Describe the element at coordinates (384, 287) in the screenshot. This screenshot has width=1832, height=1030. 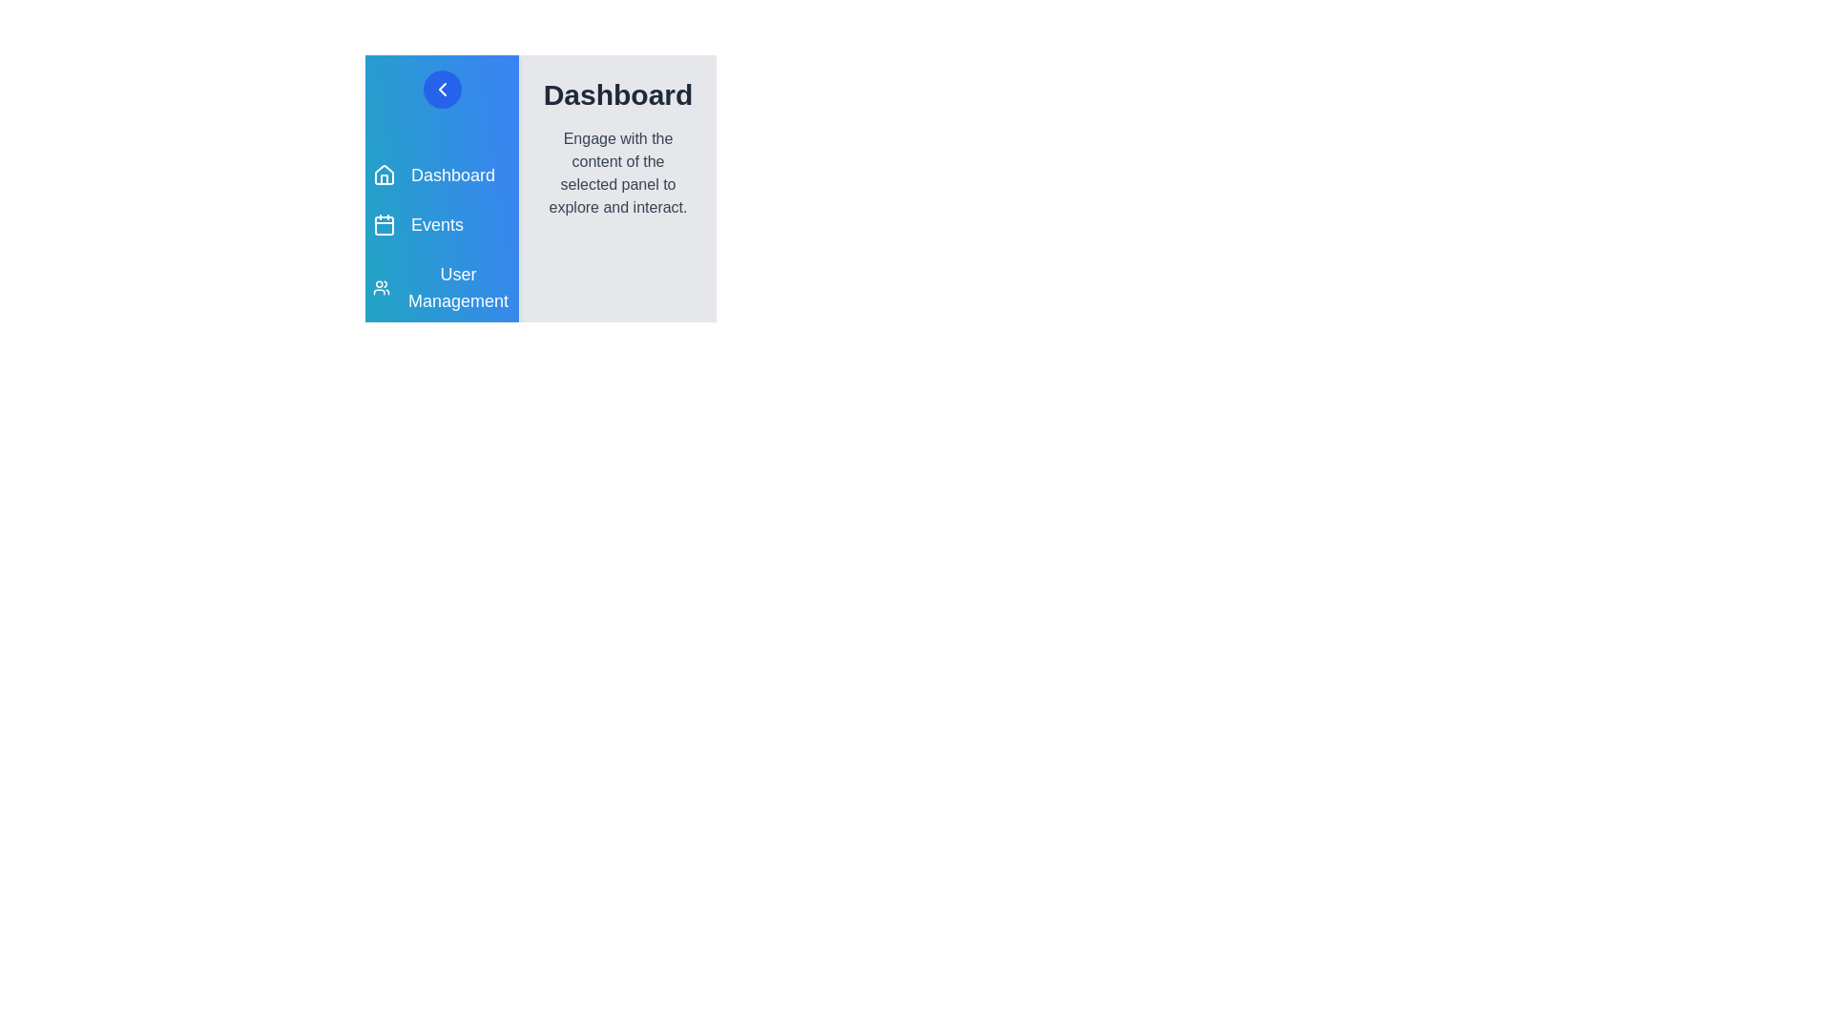
I see `the icon corresponding to User Management` at that location.